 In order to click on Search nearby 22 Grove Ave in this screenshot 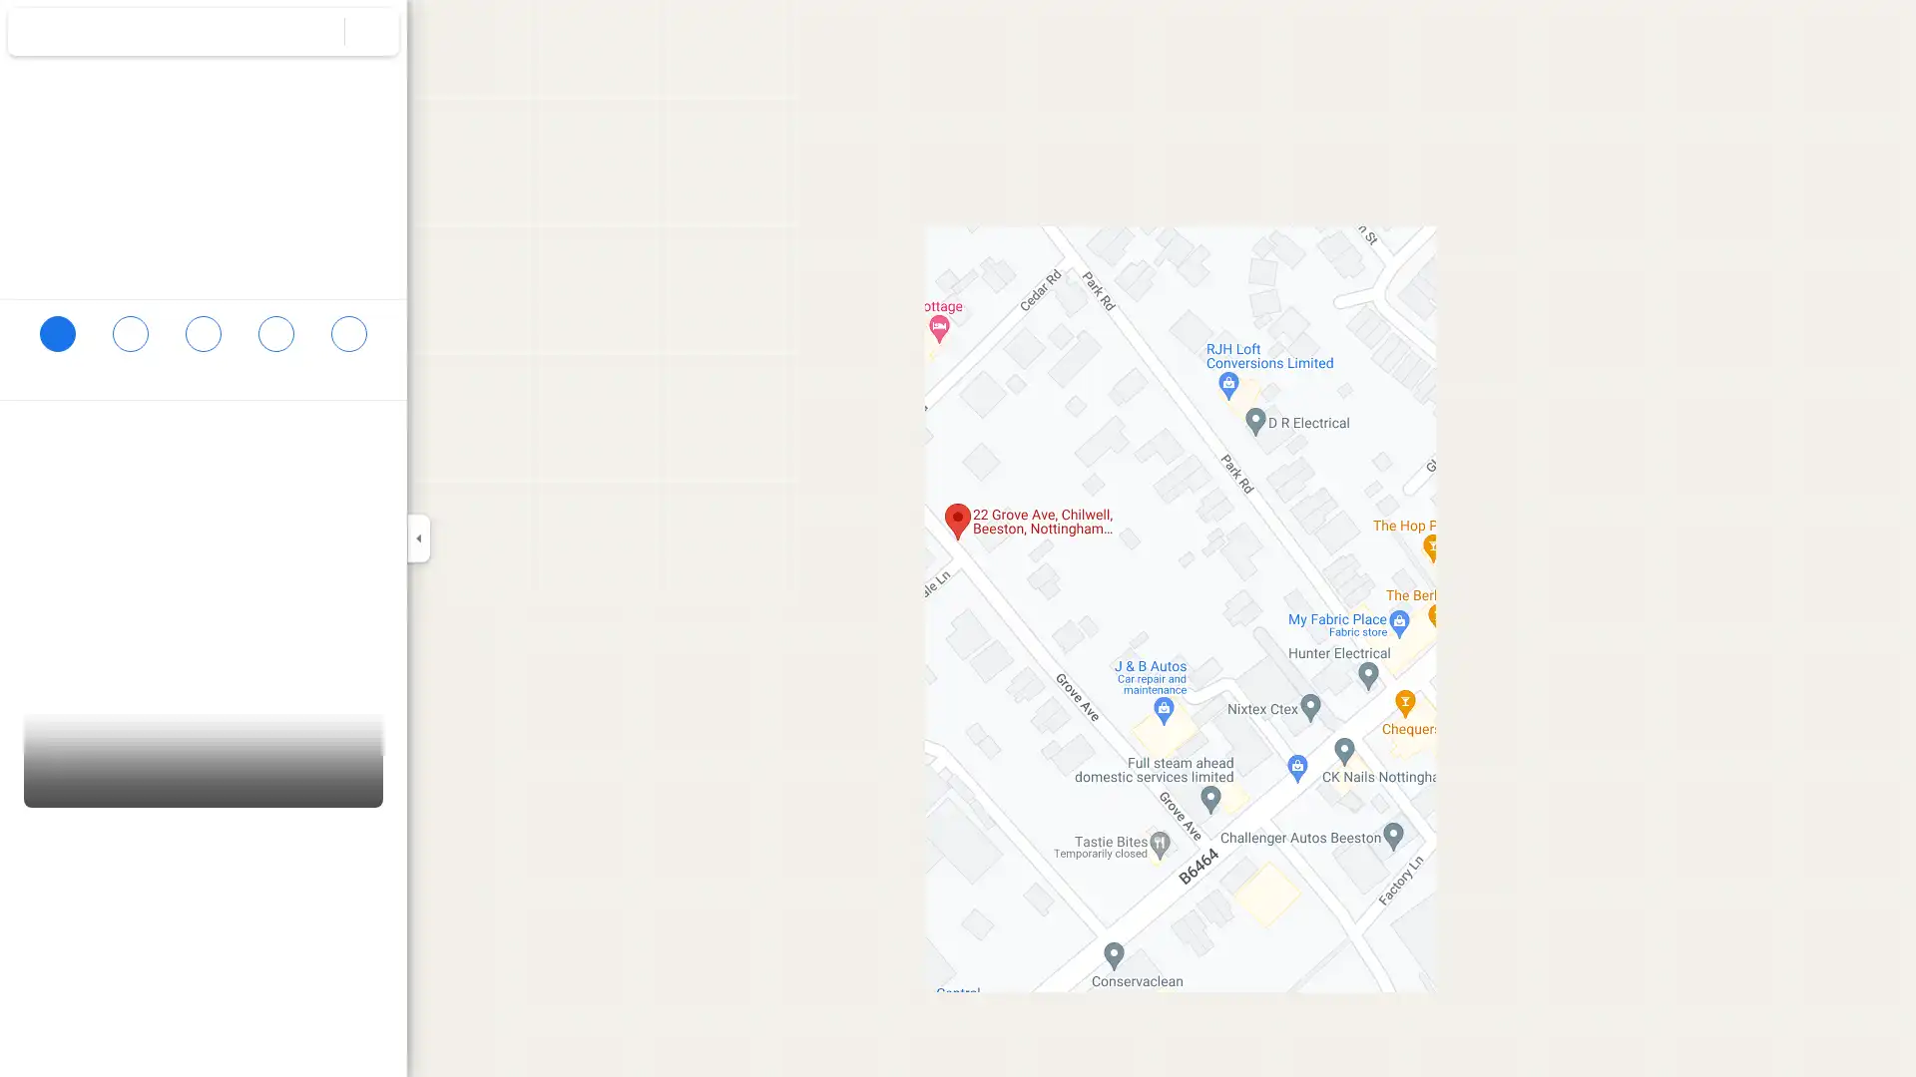, I will do `click(203, 341)`.